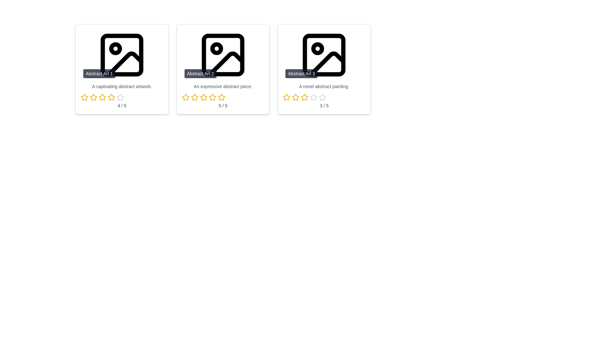 The height and width of the screenshot is (346, 615). Describe the element at coordinates (223, 55) in the screenshot. I see `the title of artwork Abstract Art 2` at that location.